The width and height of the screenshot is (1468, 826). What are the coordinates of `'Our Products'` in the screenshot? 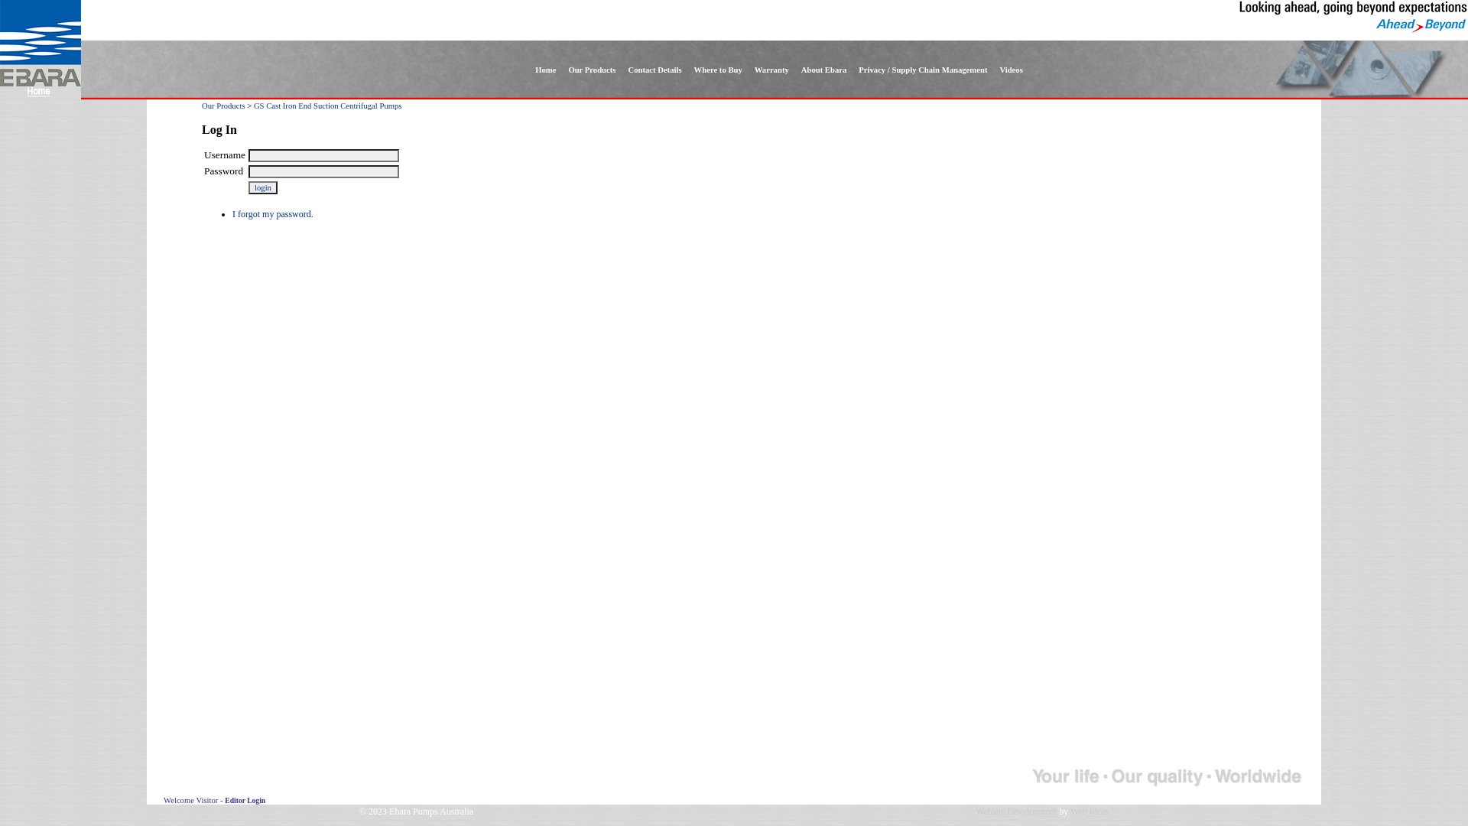 It's located at (590, 70).